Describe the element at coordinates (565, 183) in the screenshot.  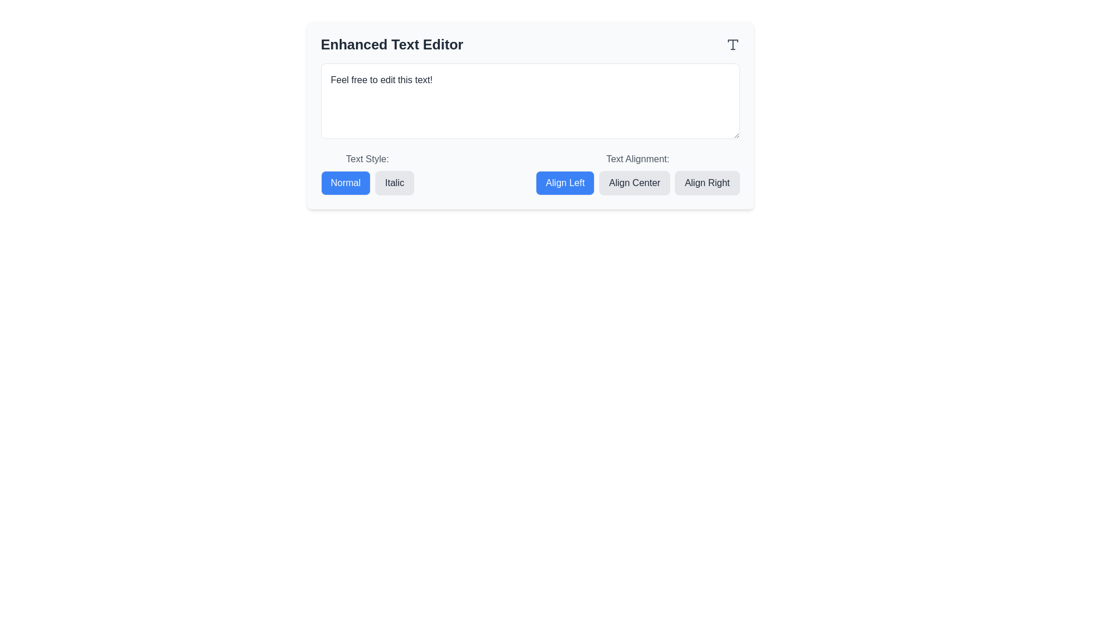
I see `the leftmost button in the 'Text Alignment' section to align text to the left` at that location.